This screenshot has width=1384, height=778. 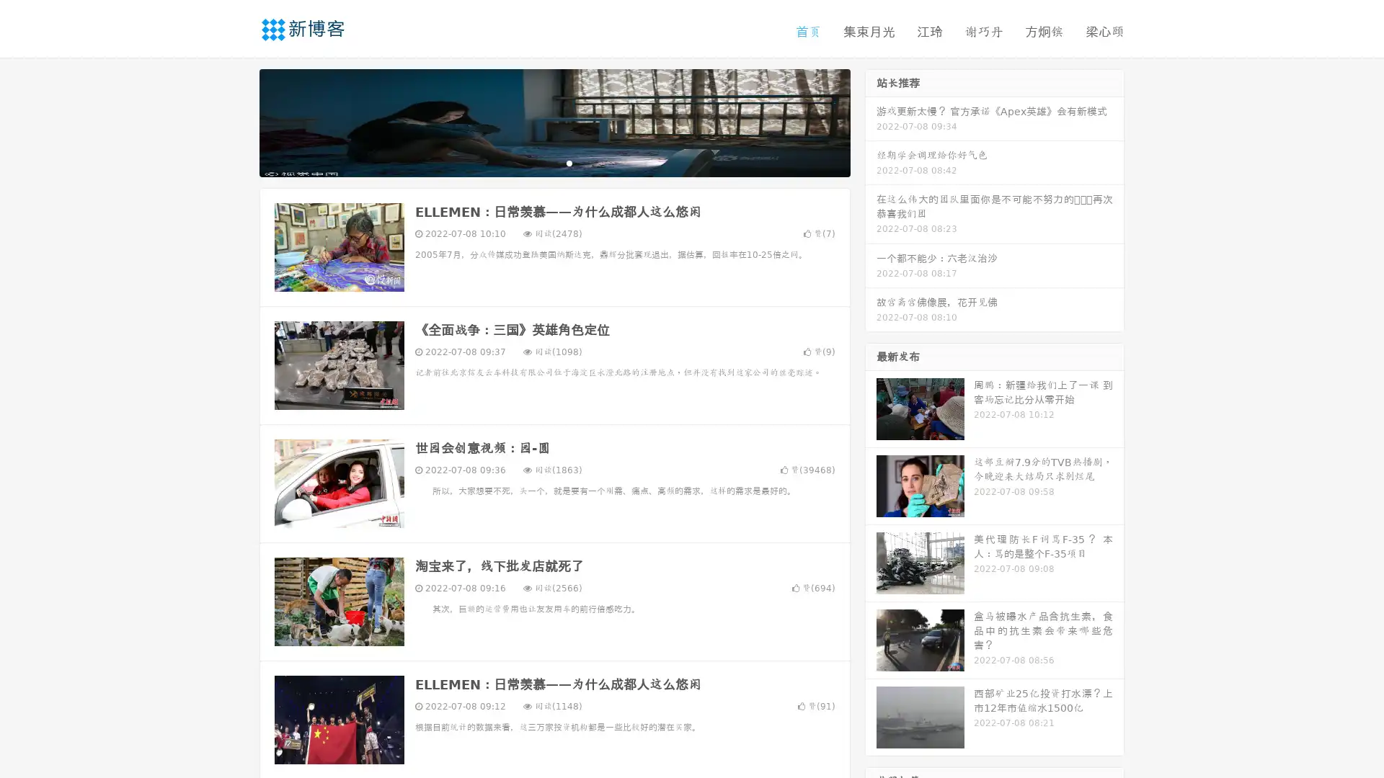 I want to click on Go to slide 1, so click(x=539, y=162).